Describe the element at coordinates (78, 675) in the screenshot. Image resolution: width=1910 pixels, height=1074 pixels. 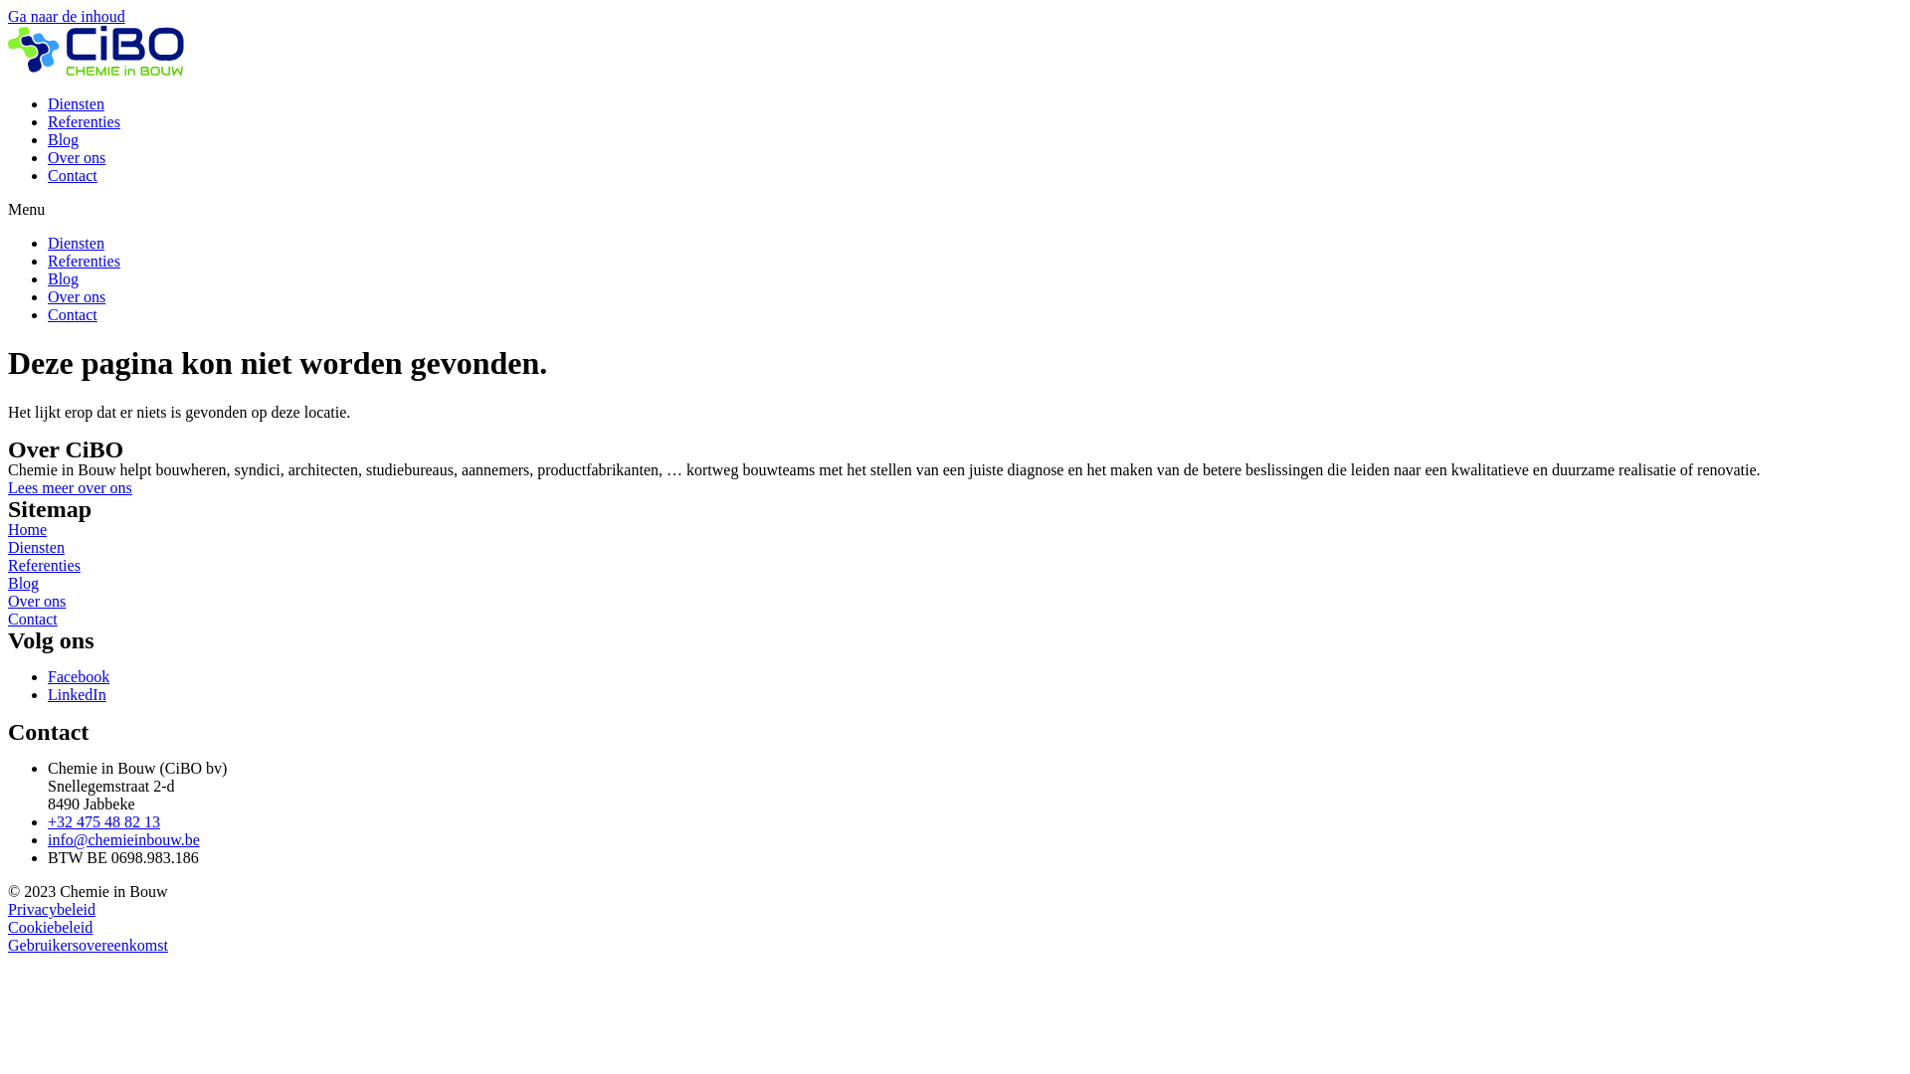
I see `'Facebook'` at that location.